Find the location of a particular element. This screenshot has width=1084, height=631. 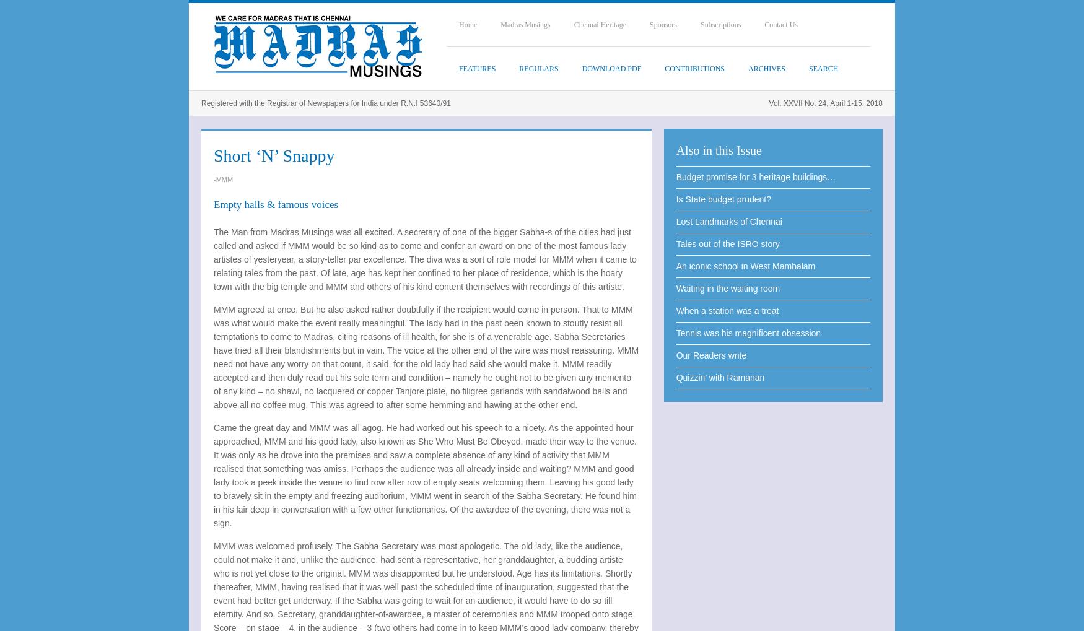

'Tennis was his magnificent obsession' is located at coordinates (675, 333).